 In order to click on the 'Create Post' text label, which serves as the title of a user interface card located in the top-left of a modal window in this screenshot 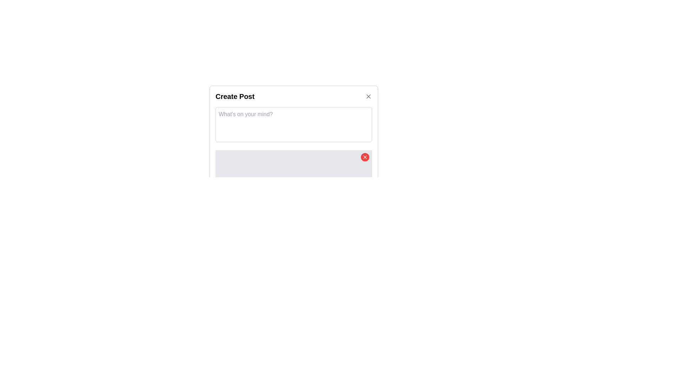, I will do `click(235, 96)`.